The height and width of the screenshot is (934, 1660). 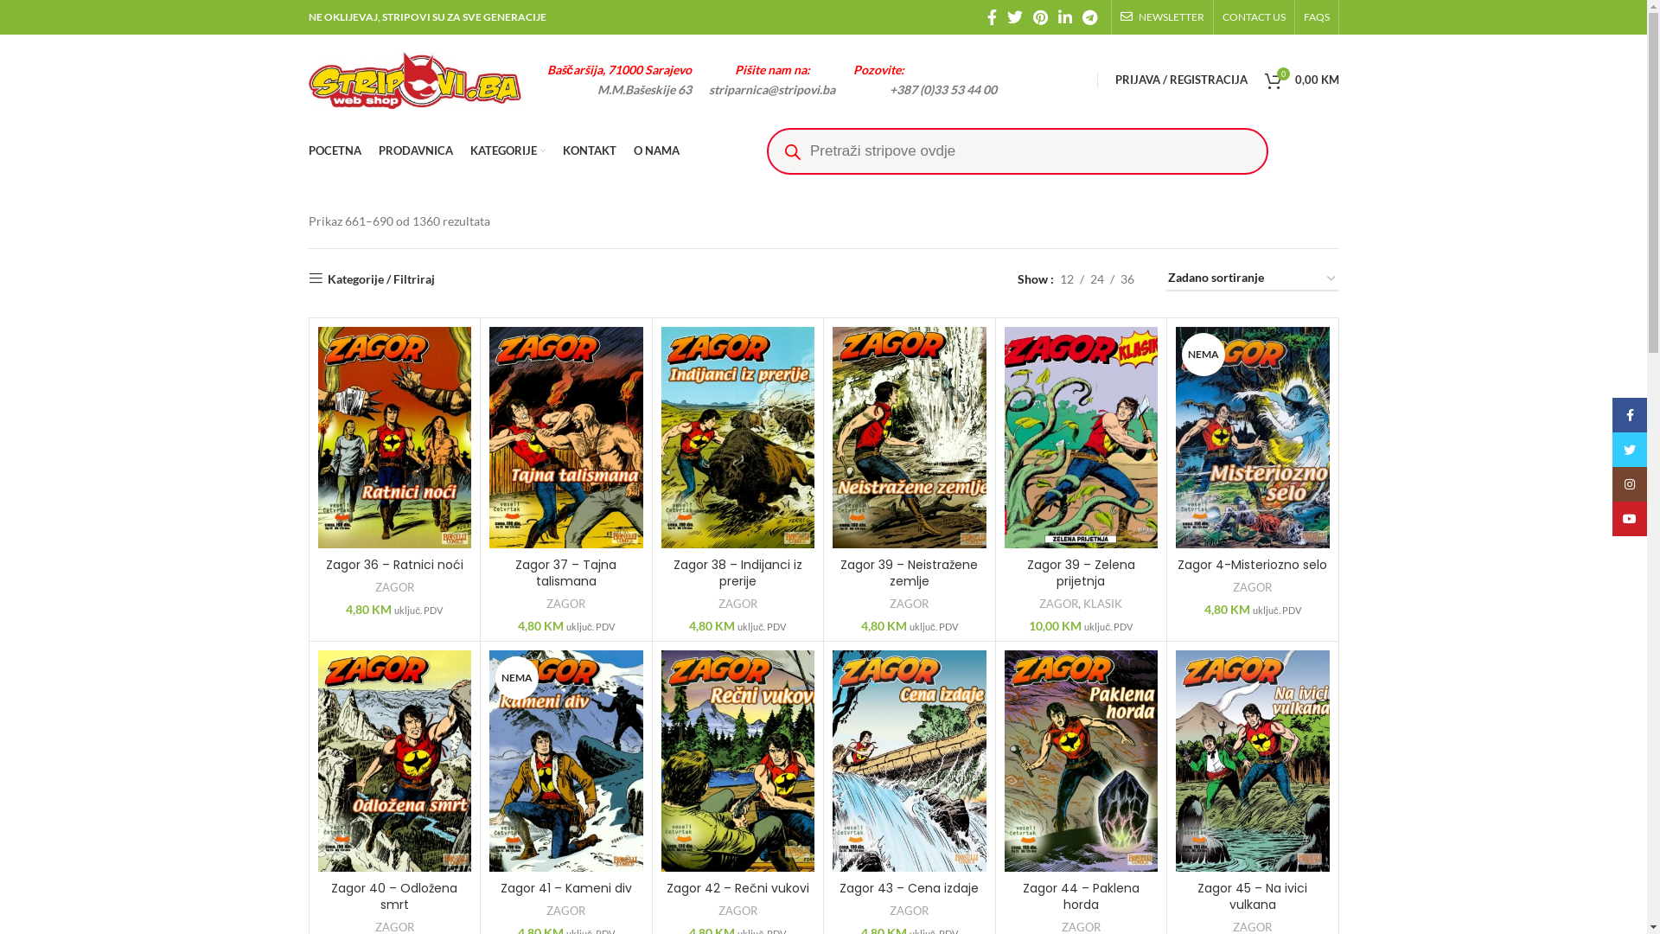 I want to click on 'PRODAVNICA', so click(x=415, y=150).